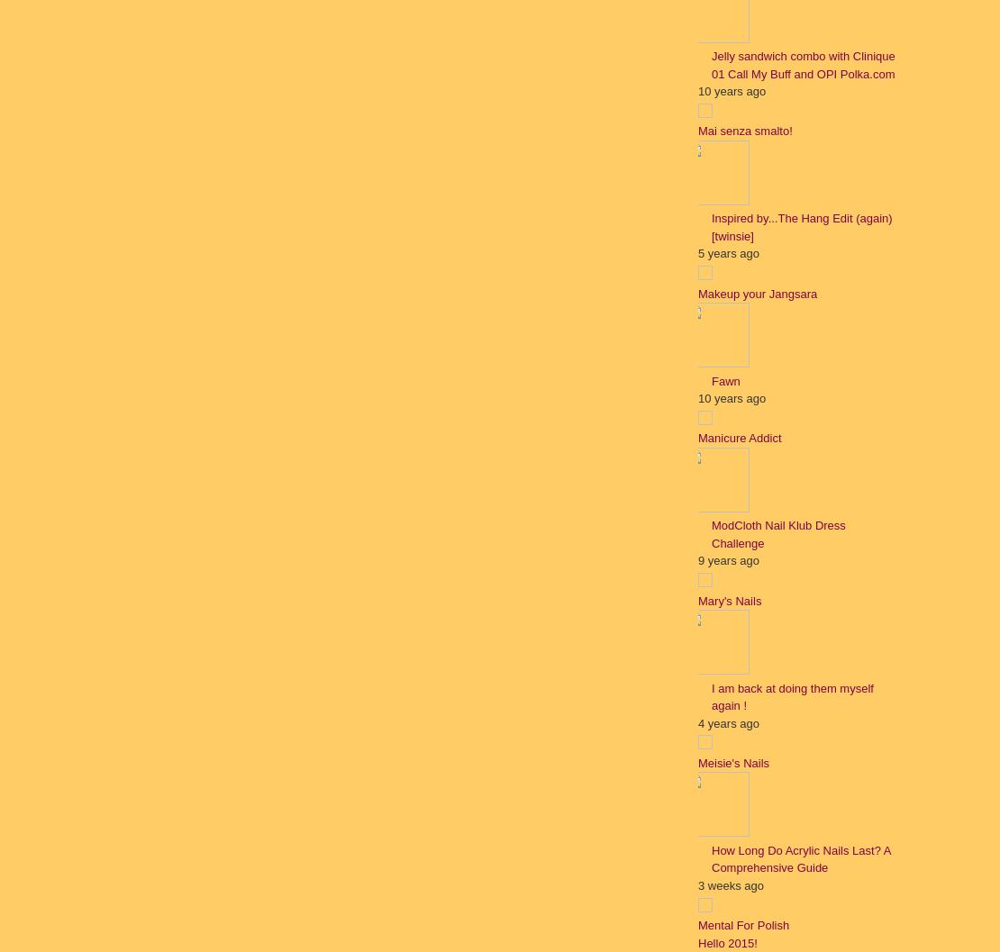 The image size is (1000, 952). Describe the element at coordinates (743, 924) in the screenshot. I see `'Mental For Polish'` at that location.